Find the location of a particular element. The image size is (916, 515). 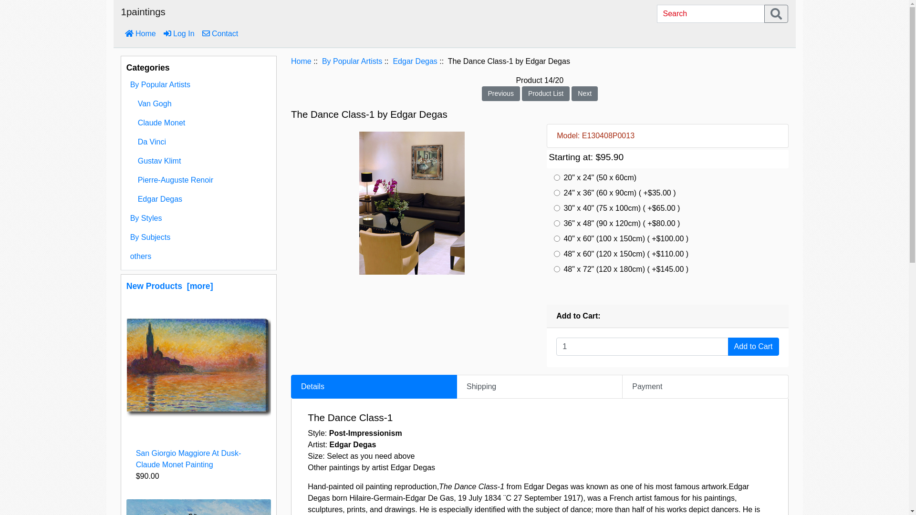

' Product List ' is located at coordinates (545, 93).